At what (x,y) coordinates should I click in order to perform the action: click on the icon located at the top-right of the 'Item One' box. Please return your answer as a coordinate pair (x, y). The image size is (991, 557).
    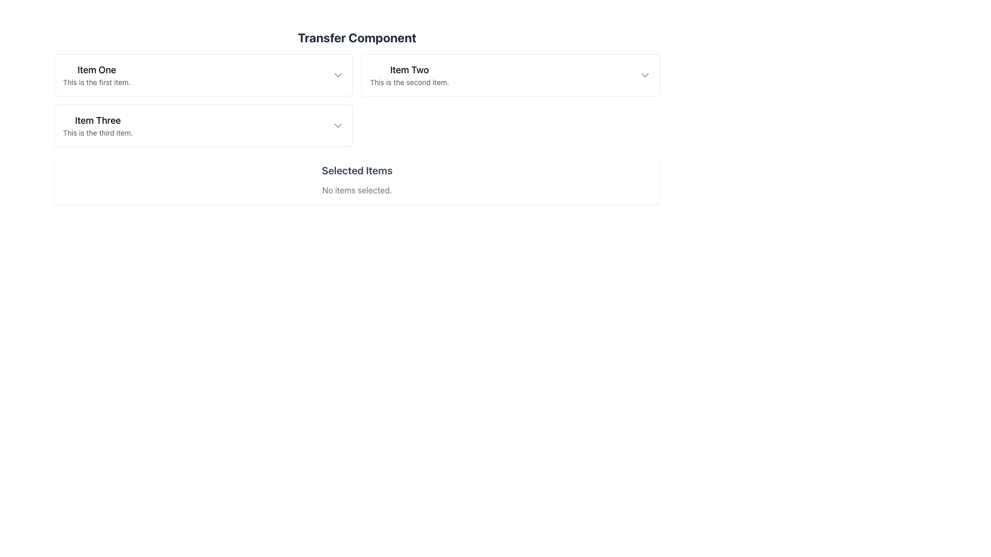
    Looking at the image, I should click on (338, 75).